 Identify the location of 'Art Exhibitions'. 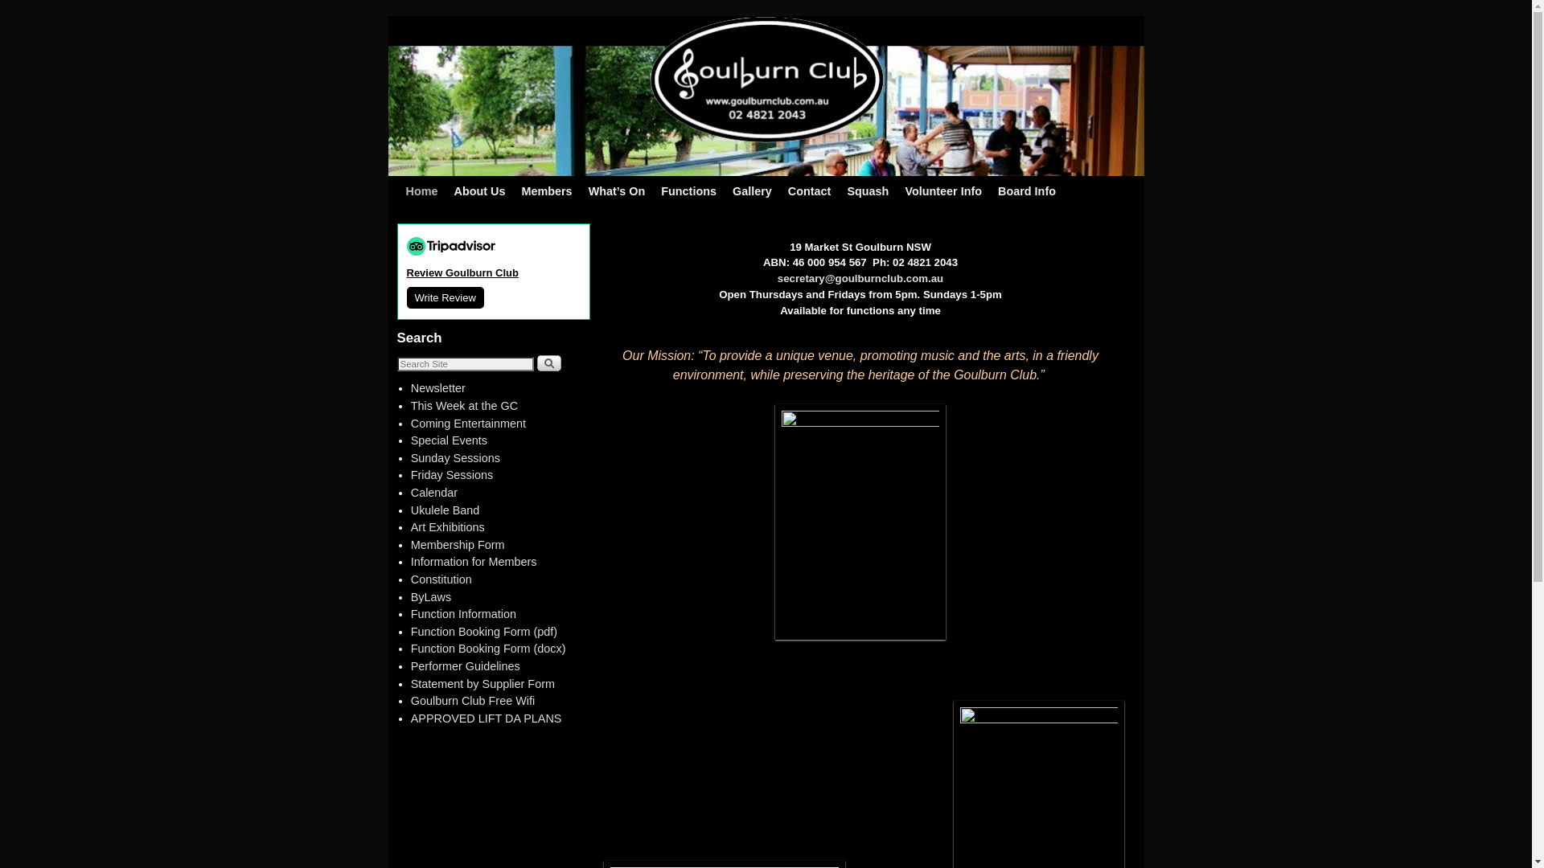
(447, 526).